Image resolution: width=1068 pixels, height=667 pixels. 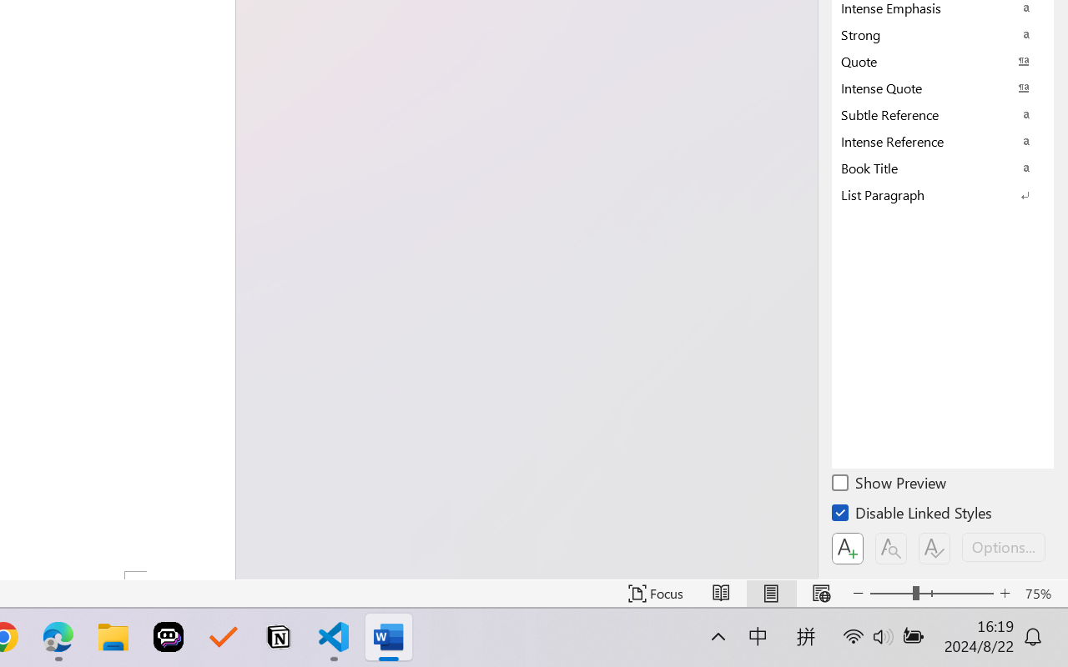 I want to click on 'Book Title', so click(x=943, y=168).